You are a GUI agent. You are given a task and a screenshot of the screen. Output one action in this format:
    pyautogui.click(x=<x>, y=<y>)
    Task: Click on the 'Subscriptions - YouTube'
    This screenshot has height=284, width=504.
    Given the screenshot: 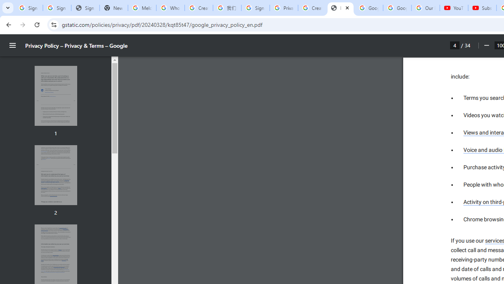 What is the action you would take?
    pyautogui.click(x=482, y=8)
    